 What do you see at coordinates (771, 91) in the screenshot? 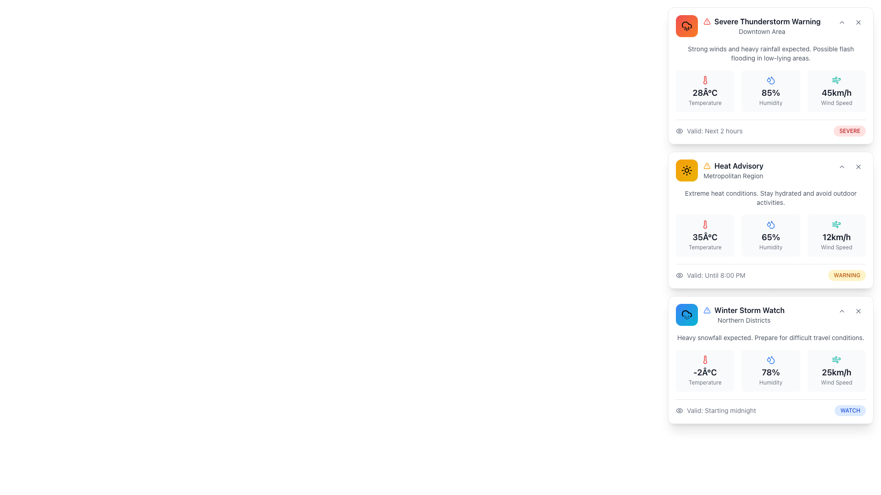
I see `the Informational card displaying the current humidity level, which features a blue water droplet icon and an '85%' humidity value, positioned in the second column of the grid layout within the 'Severe Thunderstorm Warning' card` at bounding box center [771, 91].